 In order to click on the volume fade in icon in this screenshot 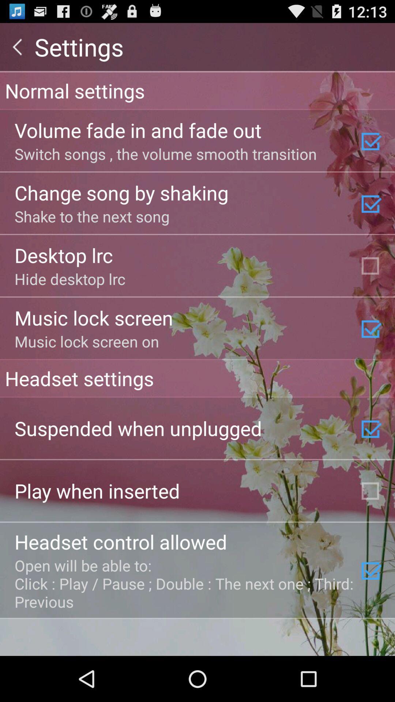, I will do `click(138, 130)`.